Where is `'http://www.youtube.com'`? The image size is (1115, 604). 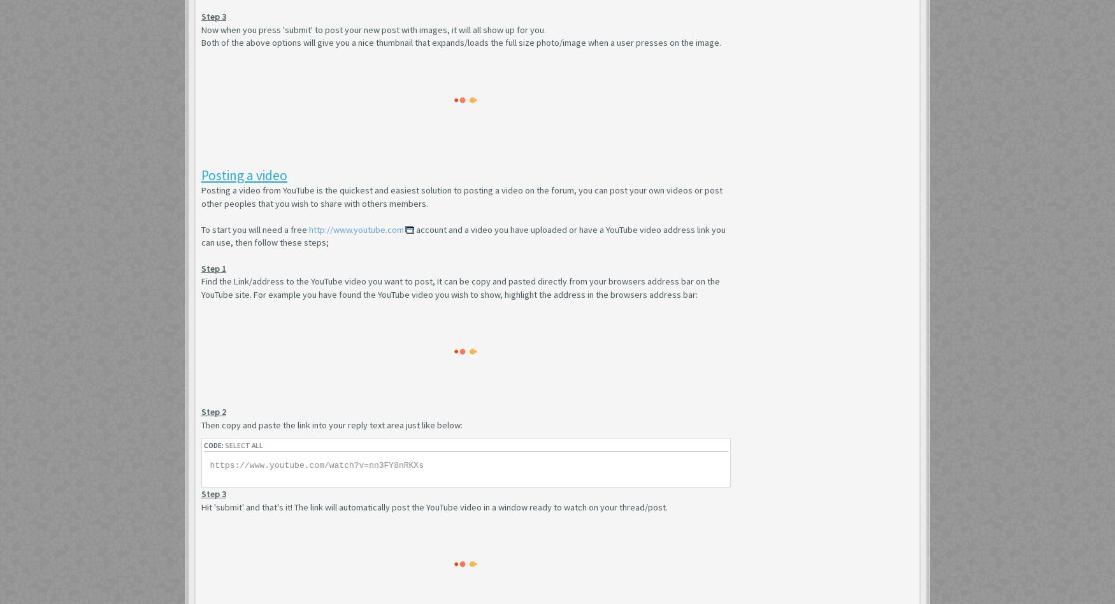
'http://www.youtube.com' is located at coordinates (356, 228).